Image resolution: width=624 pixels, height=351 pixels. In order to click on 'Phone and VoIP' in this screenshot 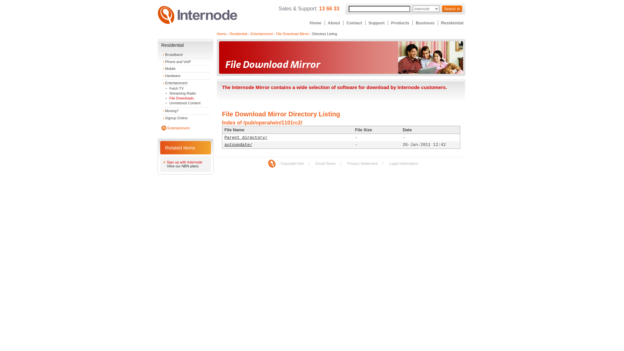, I will do `click(178, 61)`.